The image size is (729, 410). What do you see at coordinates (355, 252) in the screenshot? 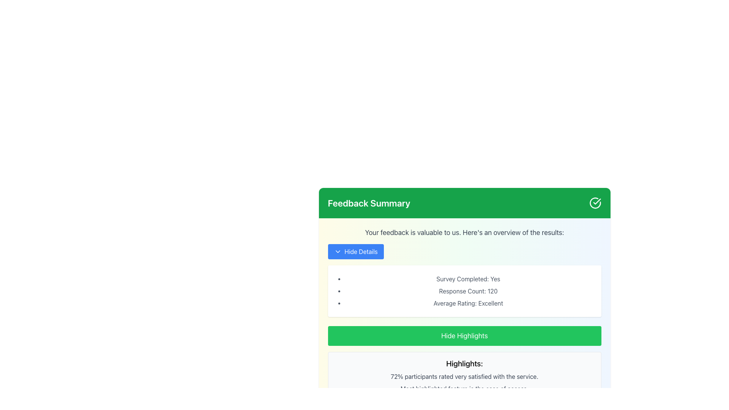
I see `the button located in the feedback summary section, which toggles the visibility of additional details` at bounding box center [355, 252].